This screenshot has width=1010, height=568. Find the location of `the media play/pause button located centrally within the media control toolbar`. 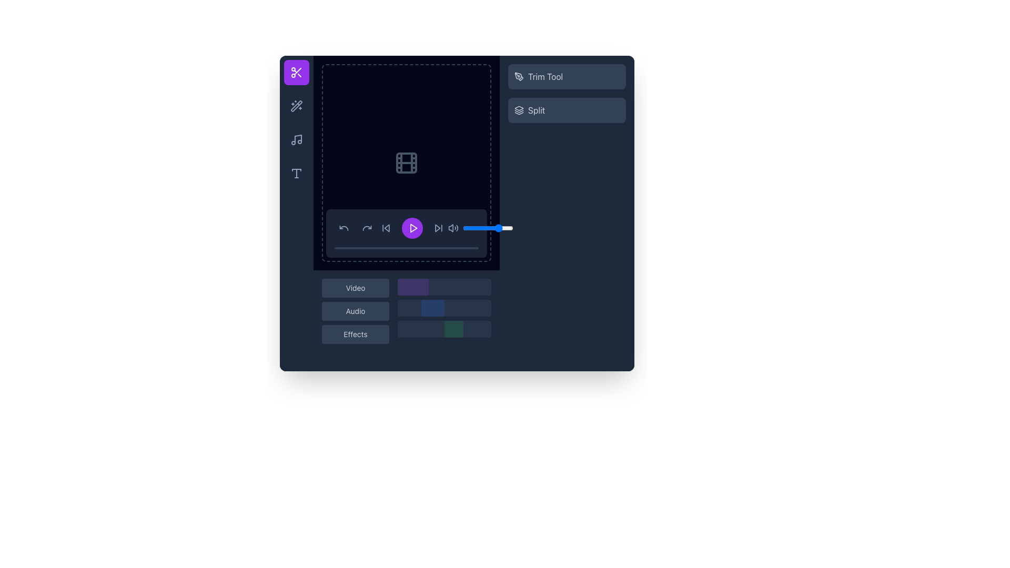

the media play/pause button located centrally within the media control toolbar is located at coordinates (411, 228).